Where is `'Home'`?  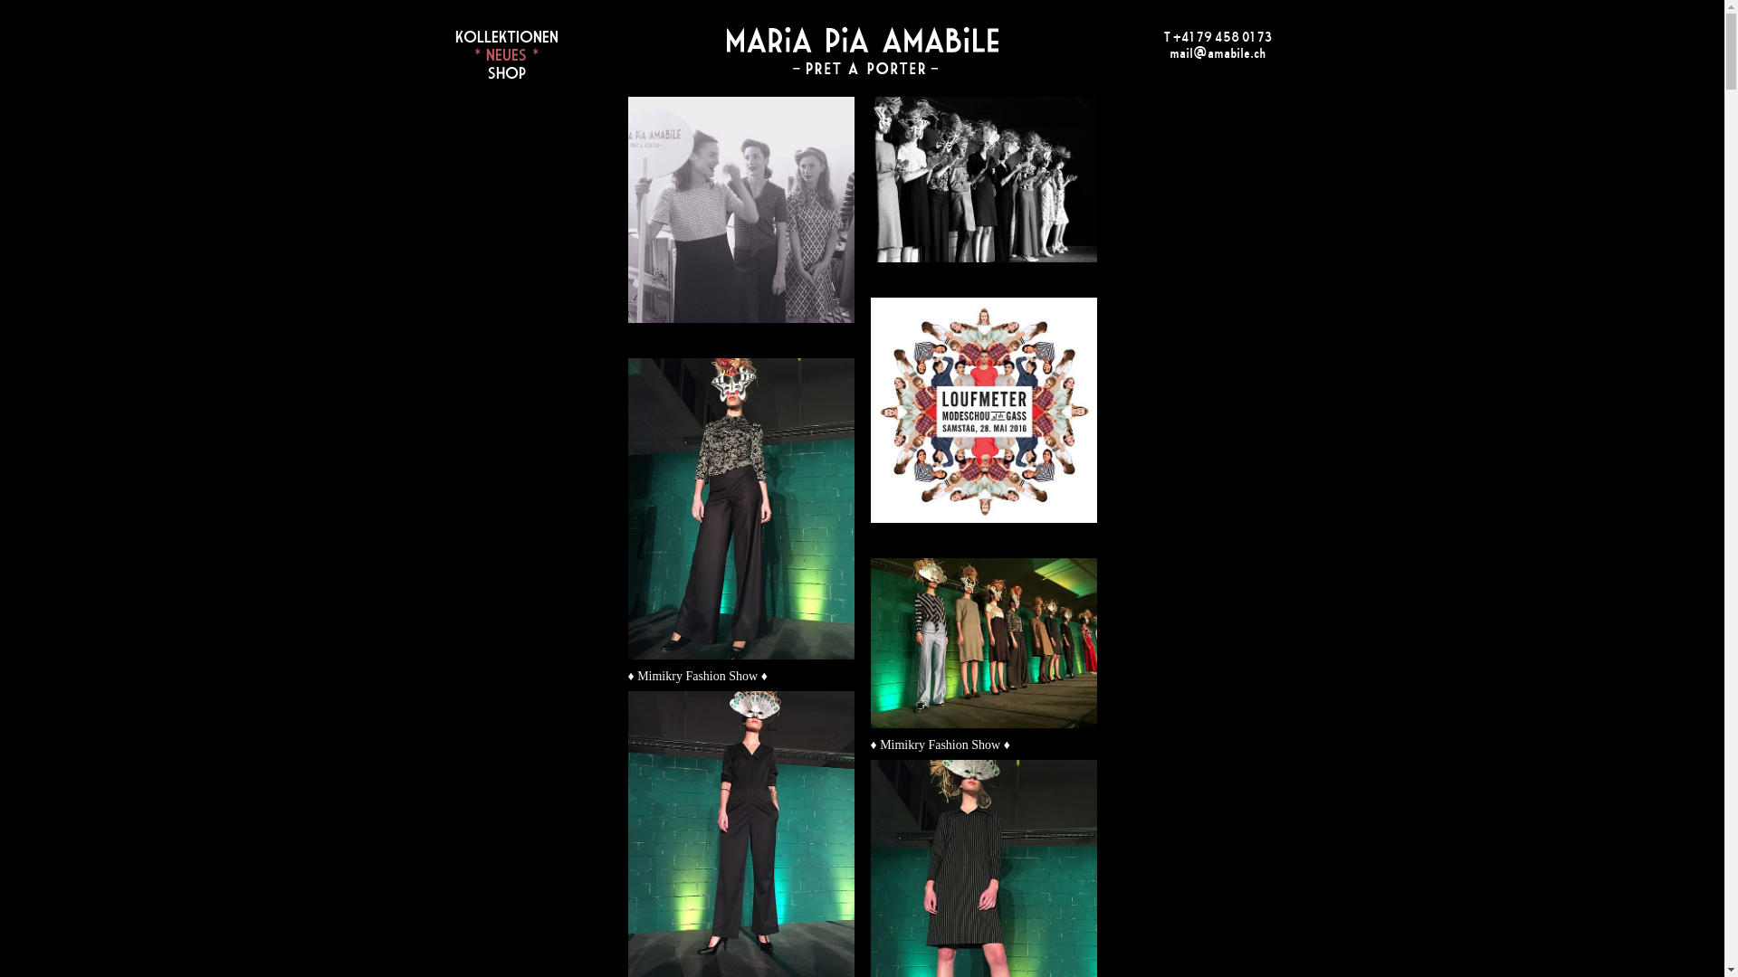 'Home' is located at coordinates (860, 50).